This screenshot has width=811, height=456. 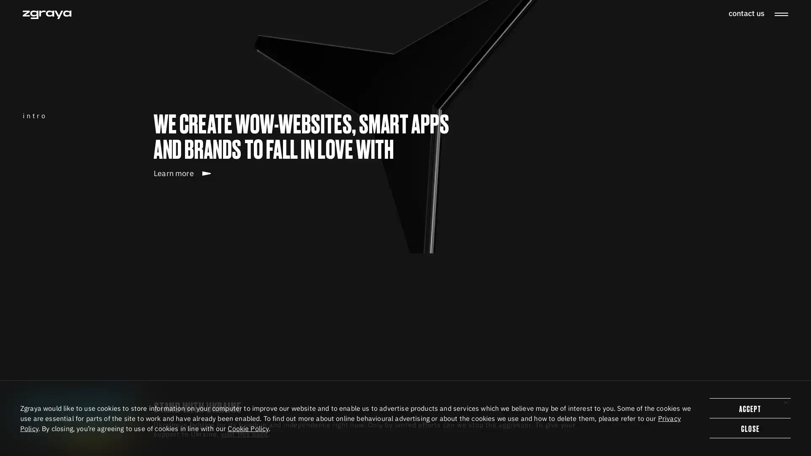 I want to click on contat us, so click(x=746, y=13).